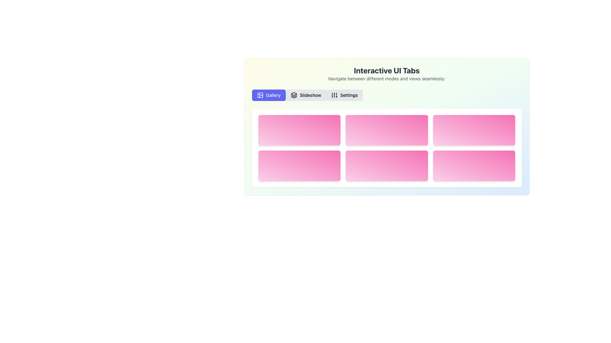  What do you see at coordinates (386, 130) in the screenshot?
I see `the second card in the first row of a grid layout, which features a gradient background from light pink to deeper pink, rounded corners, and a shadow effect` at bounding box center [386, 130].